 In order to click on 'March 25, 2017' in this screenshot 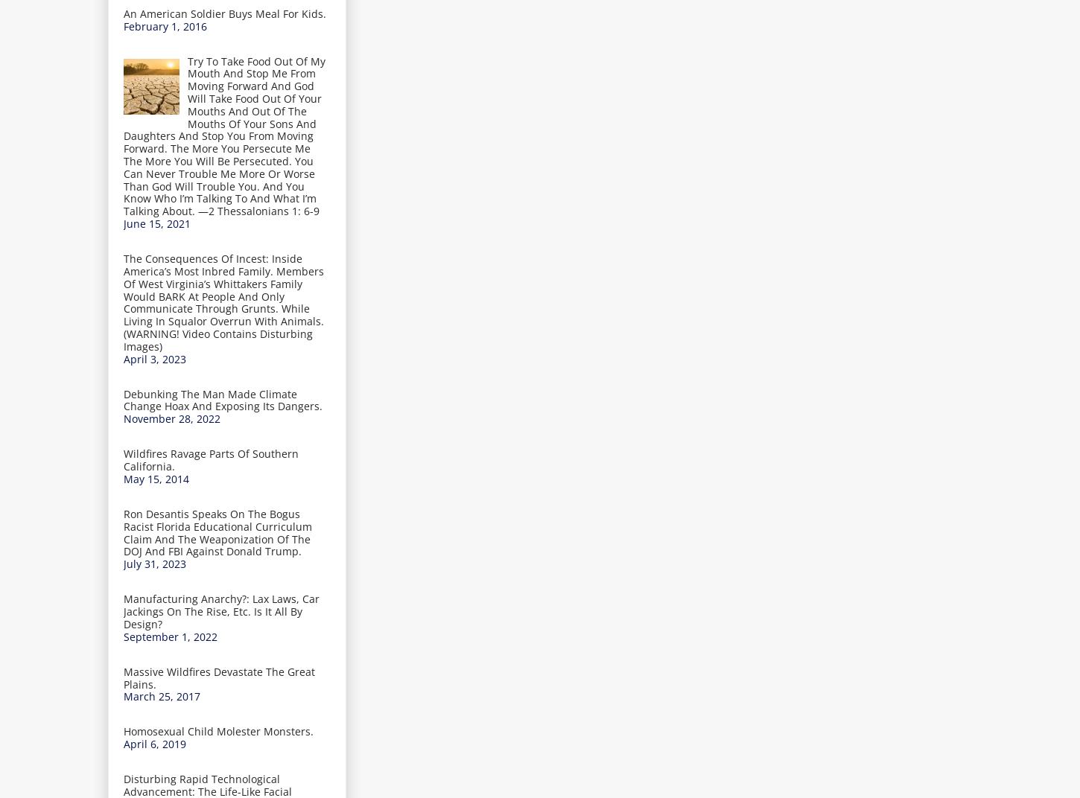, I will do `click(161, 696)`.